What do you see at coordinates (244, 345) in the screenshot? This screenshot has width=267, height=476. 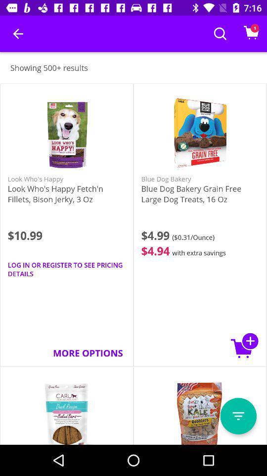 I see `to cart` at bounding box center [244, 345].